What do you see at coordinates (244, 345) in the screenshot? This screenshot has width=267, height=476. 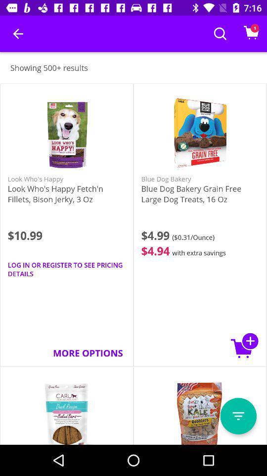 I see `to cart` at bounding box center [244, 345].